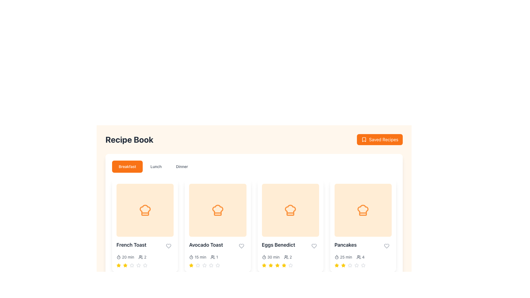 The image size is (530, 298). I want to click on the first star graphical icon in the recipe grid under the 'Avocado Toast' card, so click(191, 265).